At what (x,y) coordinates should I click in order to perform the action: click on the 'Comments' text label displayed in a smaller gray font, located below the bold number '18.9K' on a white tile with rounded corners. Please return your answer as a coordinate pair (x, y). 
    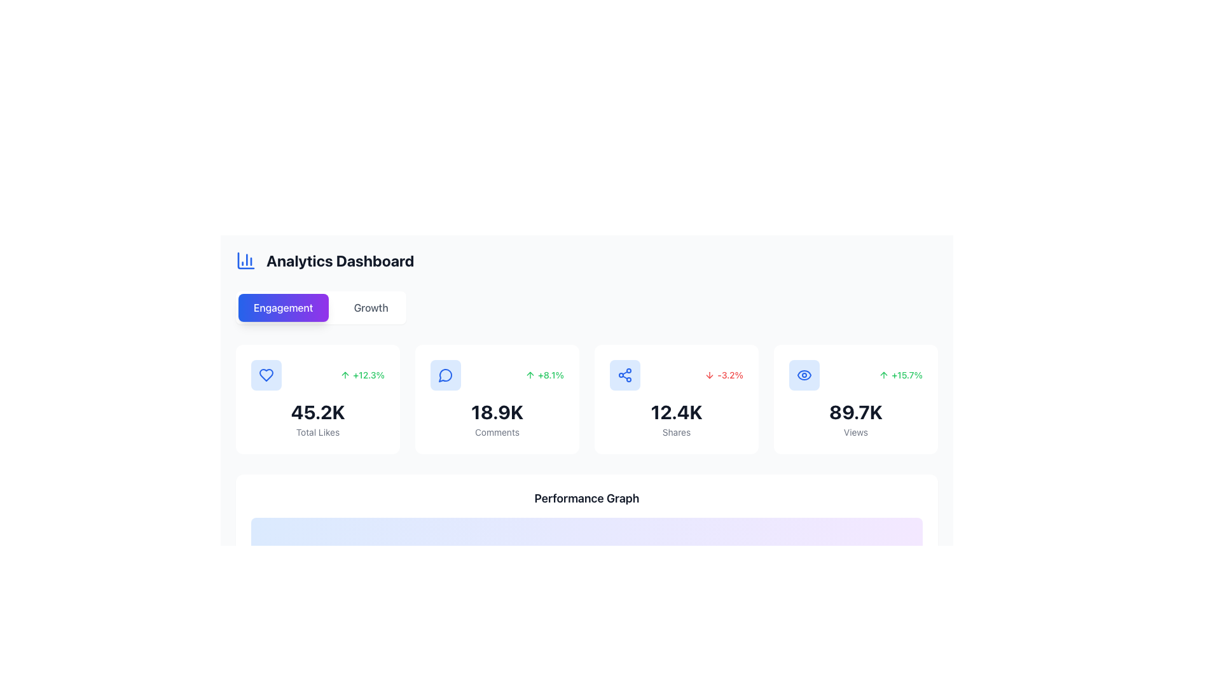
    Looking at the image, I should click on (497, 431).